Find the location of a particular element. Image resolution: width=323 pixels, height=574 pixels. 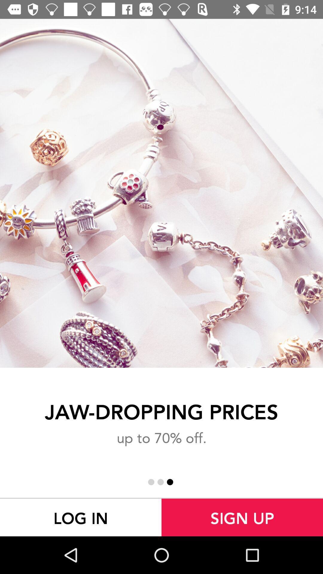

icon at the bottom right corner is located at coordinates (242, 517).